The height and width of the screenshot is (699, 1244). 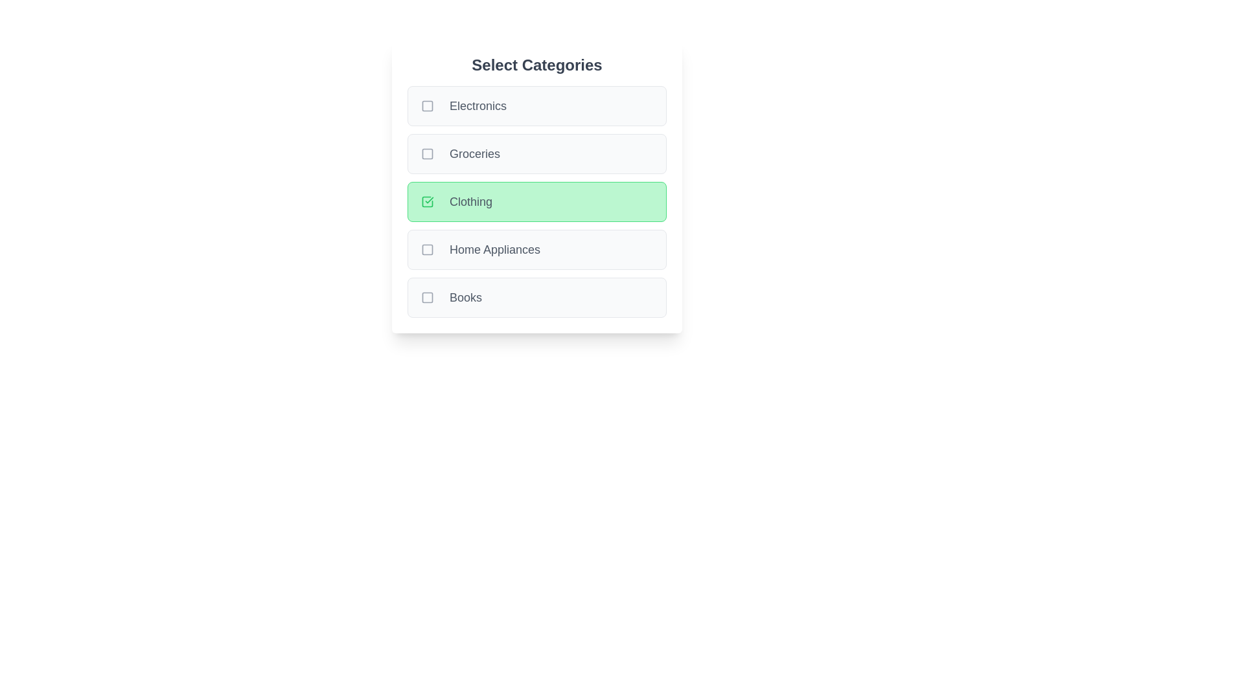 I want to click on the category Electronics, so click(x=537, y=105).